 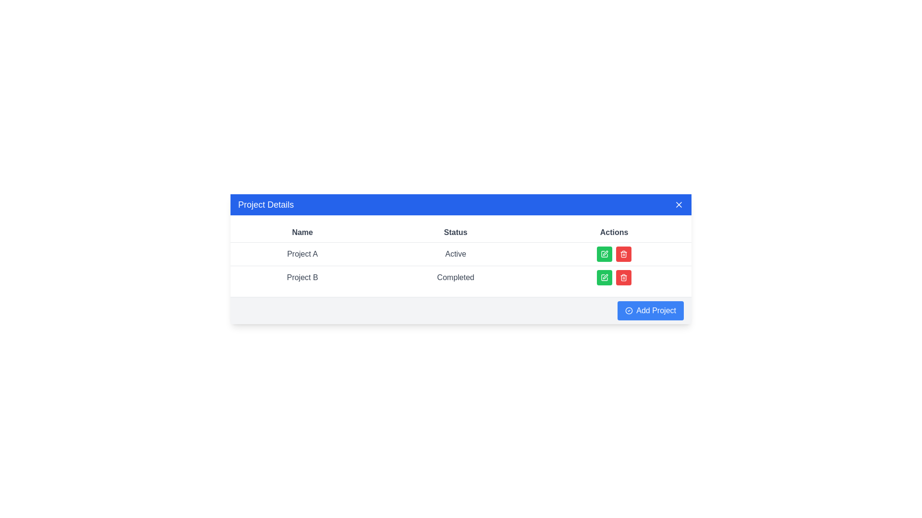 I want to click on the Text Display Element displaying 'Project AActive', located in the first row of the table interface, aligned with the 'Name', 'Status', and 'Actions' columns, so click(x=461, y=253).